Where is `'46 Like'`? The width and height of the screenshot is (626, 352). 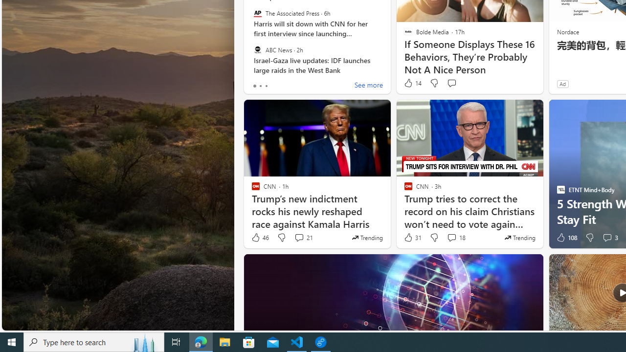
'46 Like' is located at coordinates (260, 238).